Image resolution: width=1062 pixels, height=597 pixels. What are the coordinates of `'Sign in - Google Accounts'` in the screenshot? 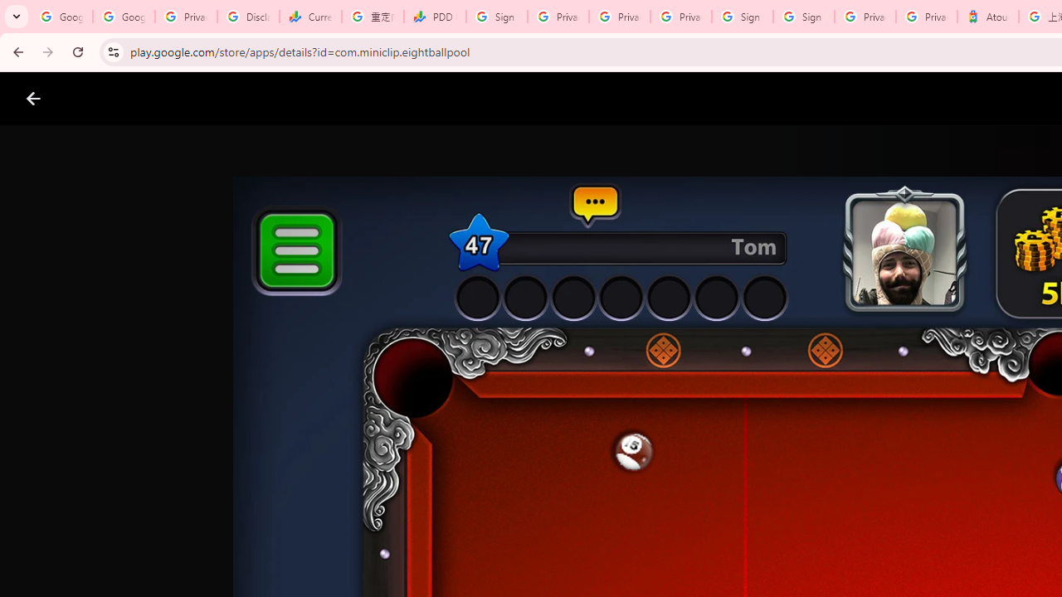 It's located at (741, 17).